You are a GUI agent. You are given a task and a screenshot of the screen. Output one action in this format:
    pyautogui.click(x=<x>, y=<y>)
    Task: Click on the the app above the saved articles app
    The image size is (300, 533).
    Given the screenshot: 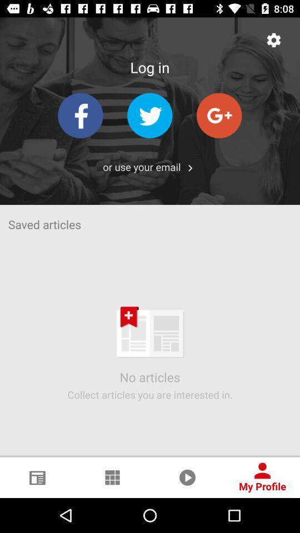 What is the action you would take?
    pyautogui.click(x=142, y=166)
    